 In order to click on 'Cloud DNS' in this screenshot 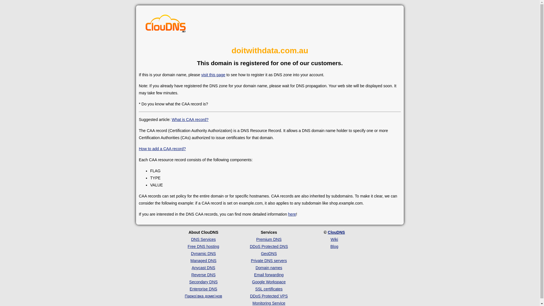, I will do `click(165, 25)`.